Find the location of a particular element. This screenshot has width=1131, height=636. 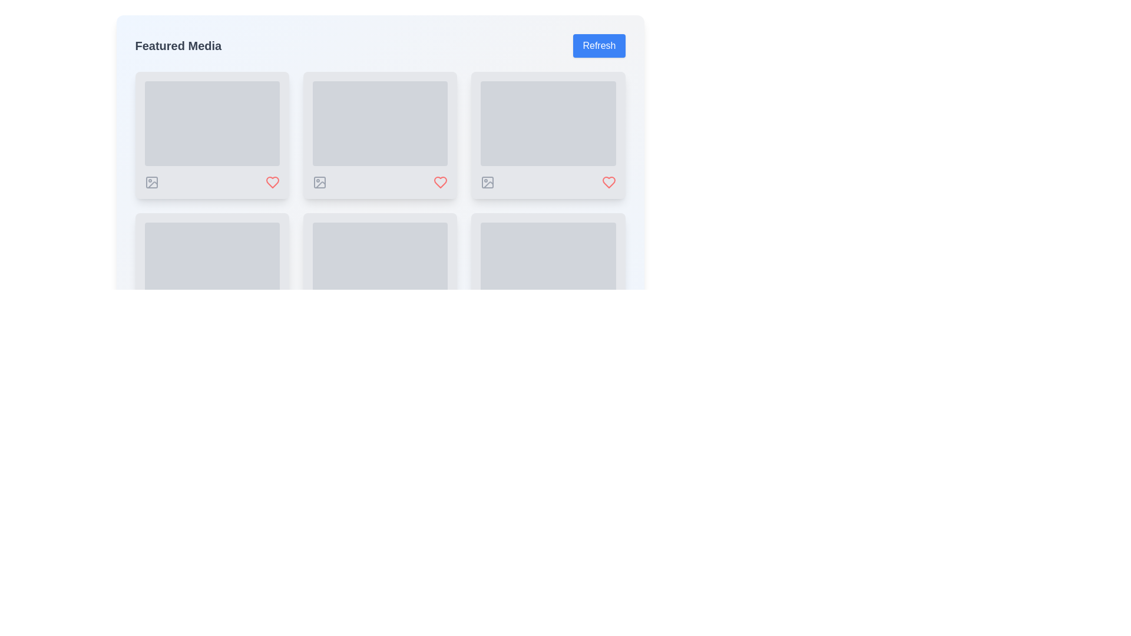

the text label that serves as a section title, positioned to the left of a blue 'Refresh' button is located at coordinates (177, 45).